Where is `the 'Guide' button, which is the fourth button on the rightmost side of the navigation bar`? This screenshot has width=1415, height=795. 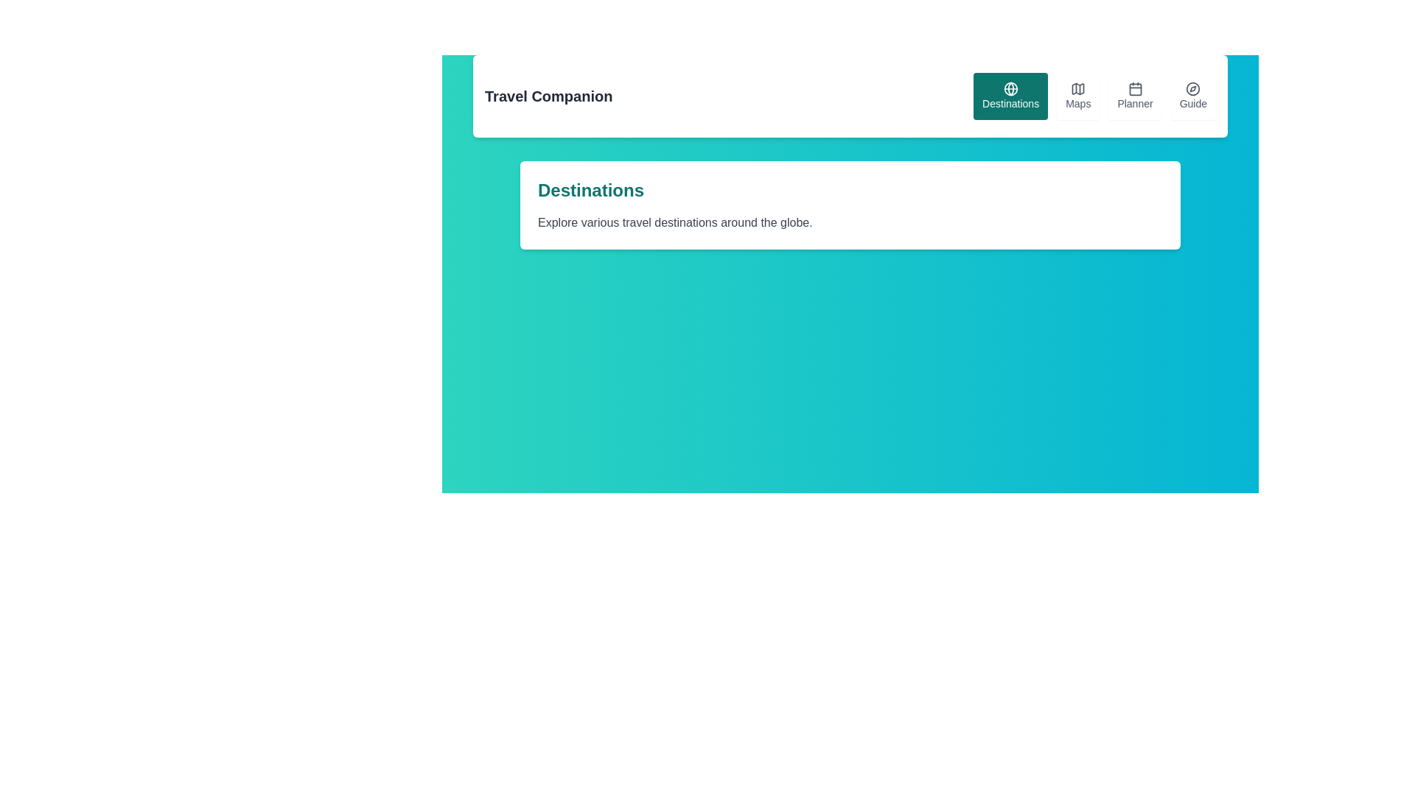
the 'Guide' button, which is the fourth button on the rightmost side of the navigation bar is located at coordinates (1193, 96).